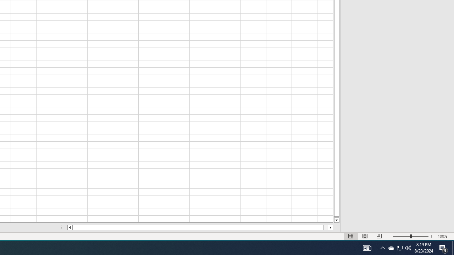 The height and width of the screenshot is (255, 454). I want to click on 'Normal', so click(350, 236).